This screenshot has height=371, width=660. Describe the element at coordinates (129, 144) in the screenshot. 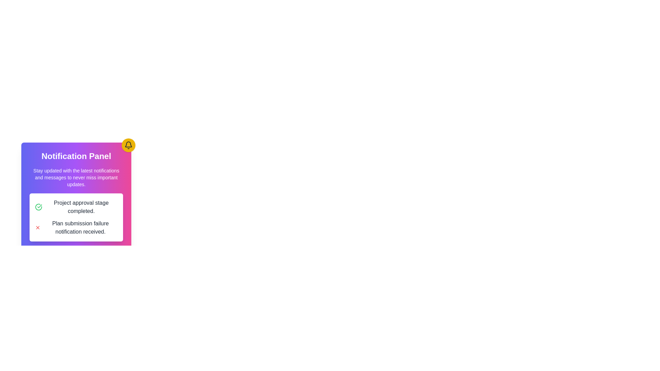

I see `the decorative graphical component of the notification bell icon located at the top-right corner of the notification panel` at that location.